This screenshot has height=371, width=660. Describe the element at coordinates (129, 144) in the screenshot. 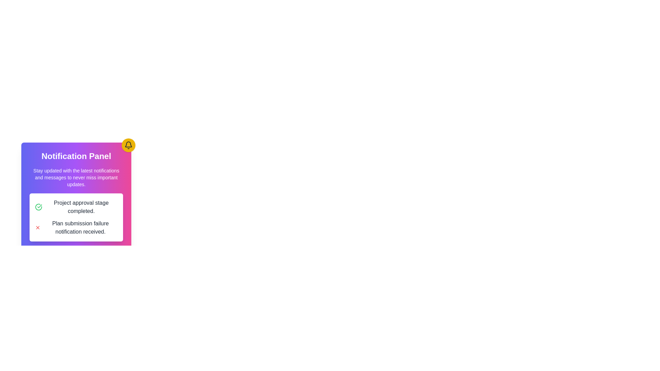

I see `the decorative graphical component of the notification bell icon located at the top-right corner of the notification panel` at that location.